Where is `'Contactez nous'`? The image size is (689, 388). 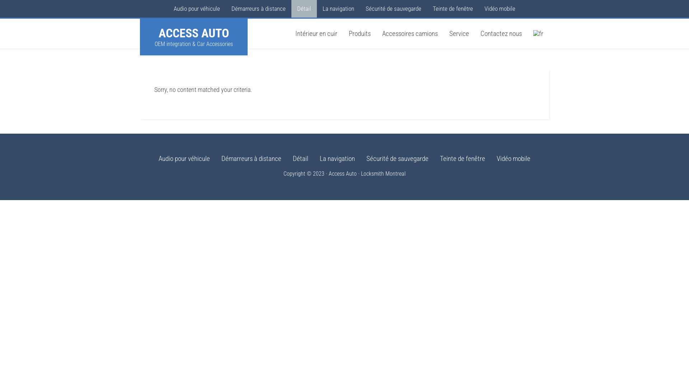 'Contactez nous' is located at coordinates (501, 33).